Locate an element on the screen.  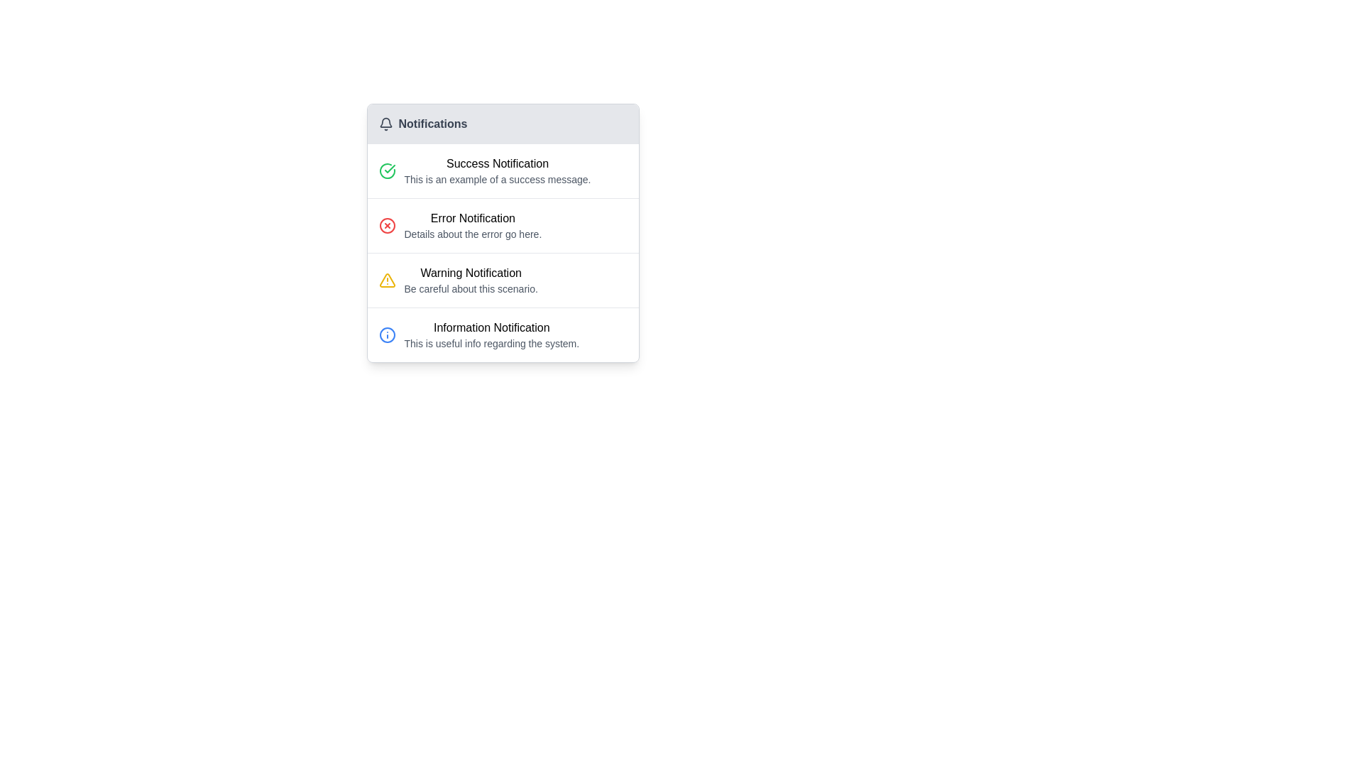
the warning notification icon that serves as a visual indicator for caution, positioned to the left of the text in the 'Warning Notification' is located at coordinates (387, 280).